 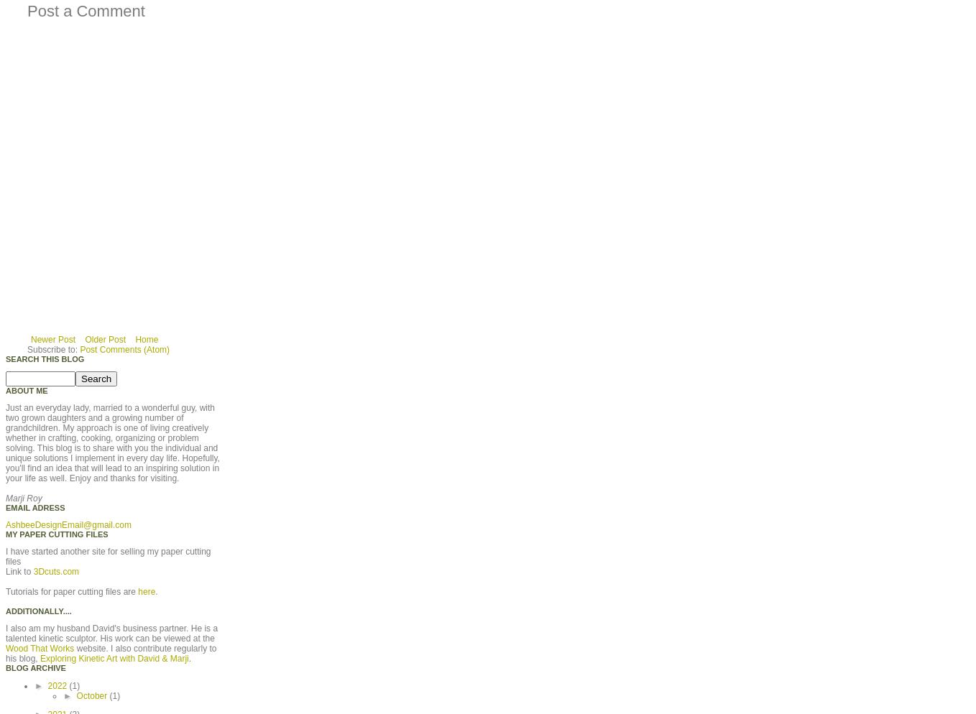 What do you see at coordinates (5, 524) in the screenshot?
I see `'AshbeeDesignEmail'` at bounding box center [5, 524].